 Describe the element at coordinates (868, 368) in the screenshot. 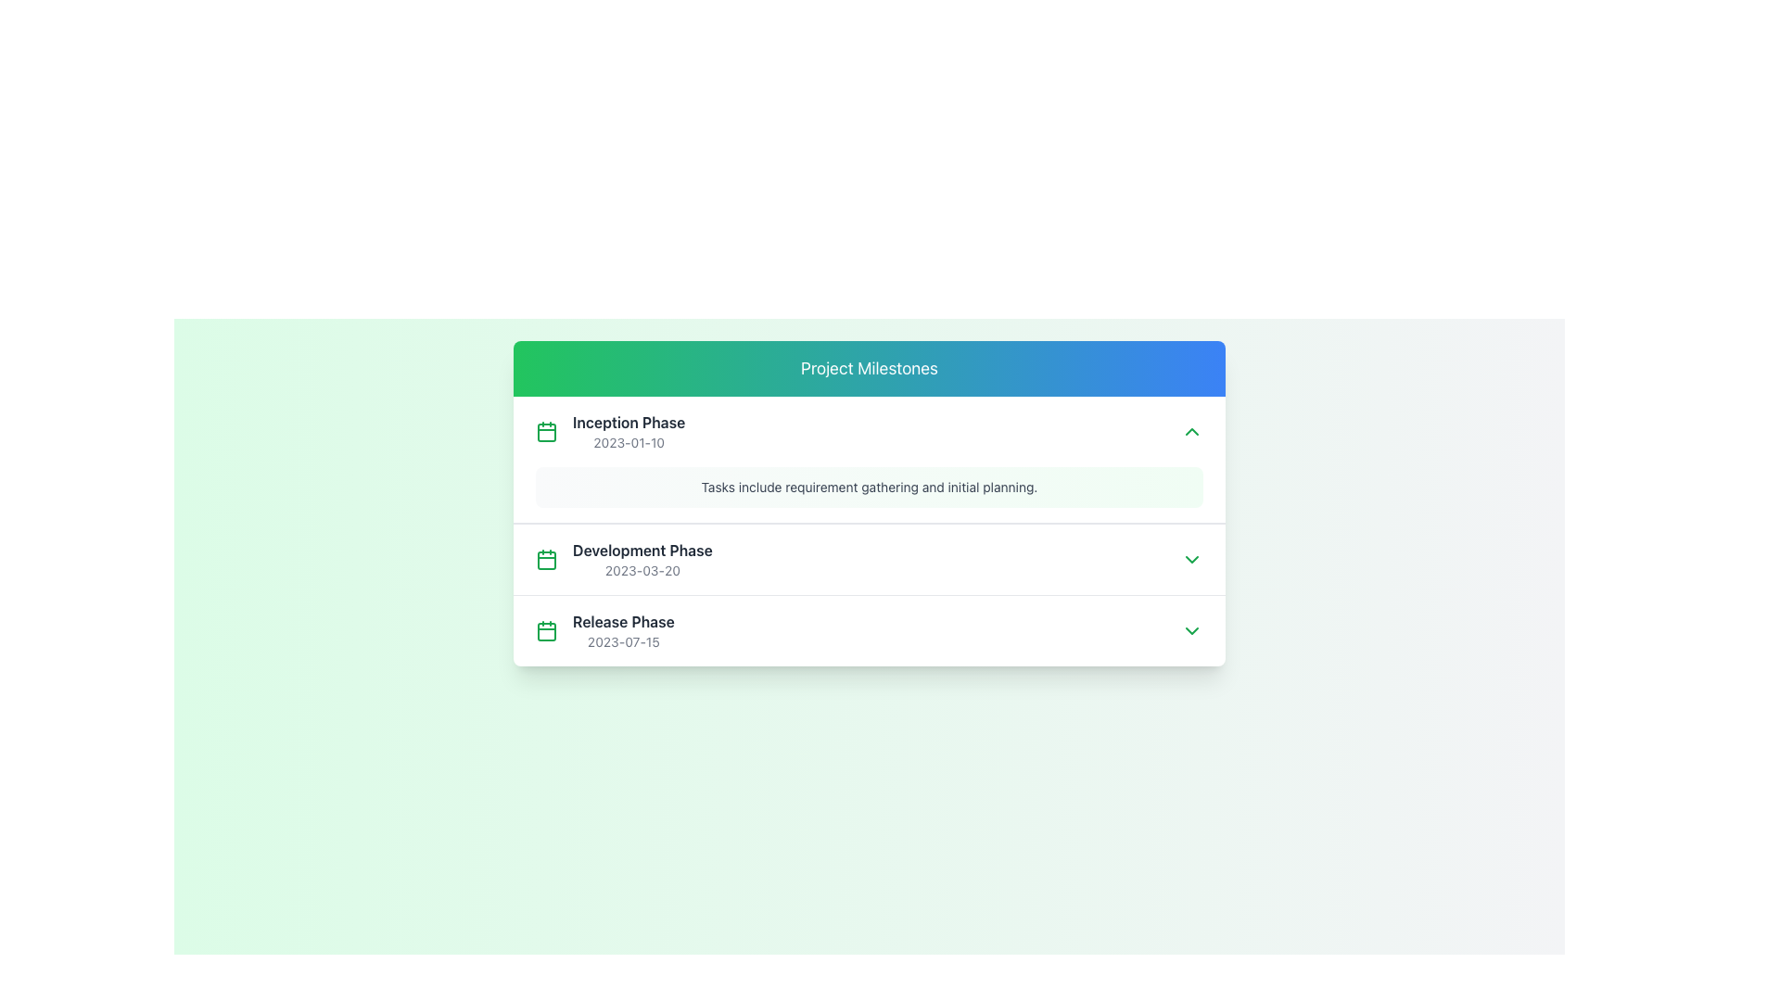

I see `the non-interactive text header displaying 'Project Milestones' with a gradient background from green to blue` at that location.